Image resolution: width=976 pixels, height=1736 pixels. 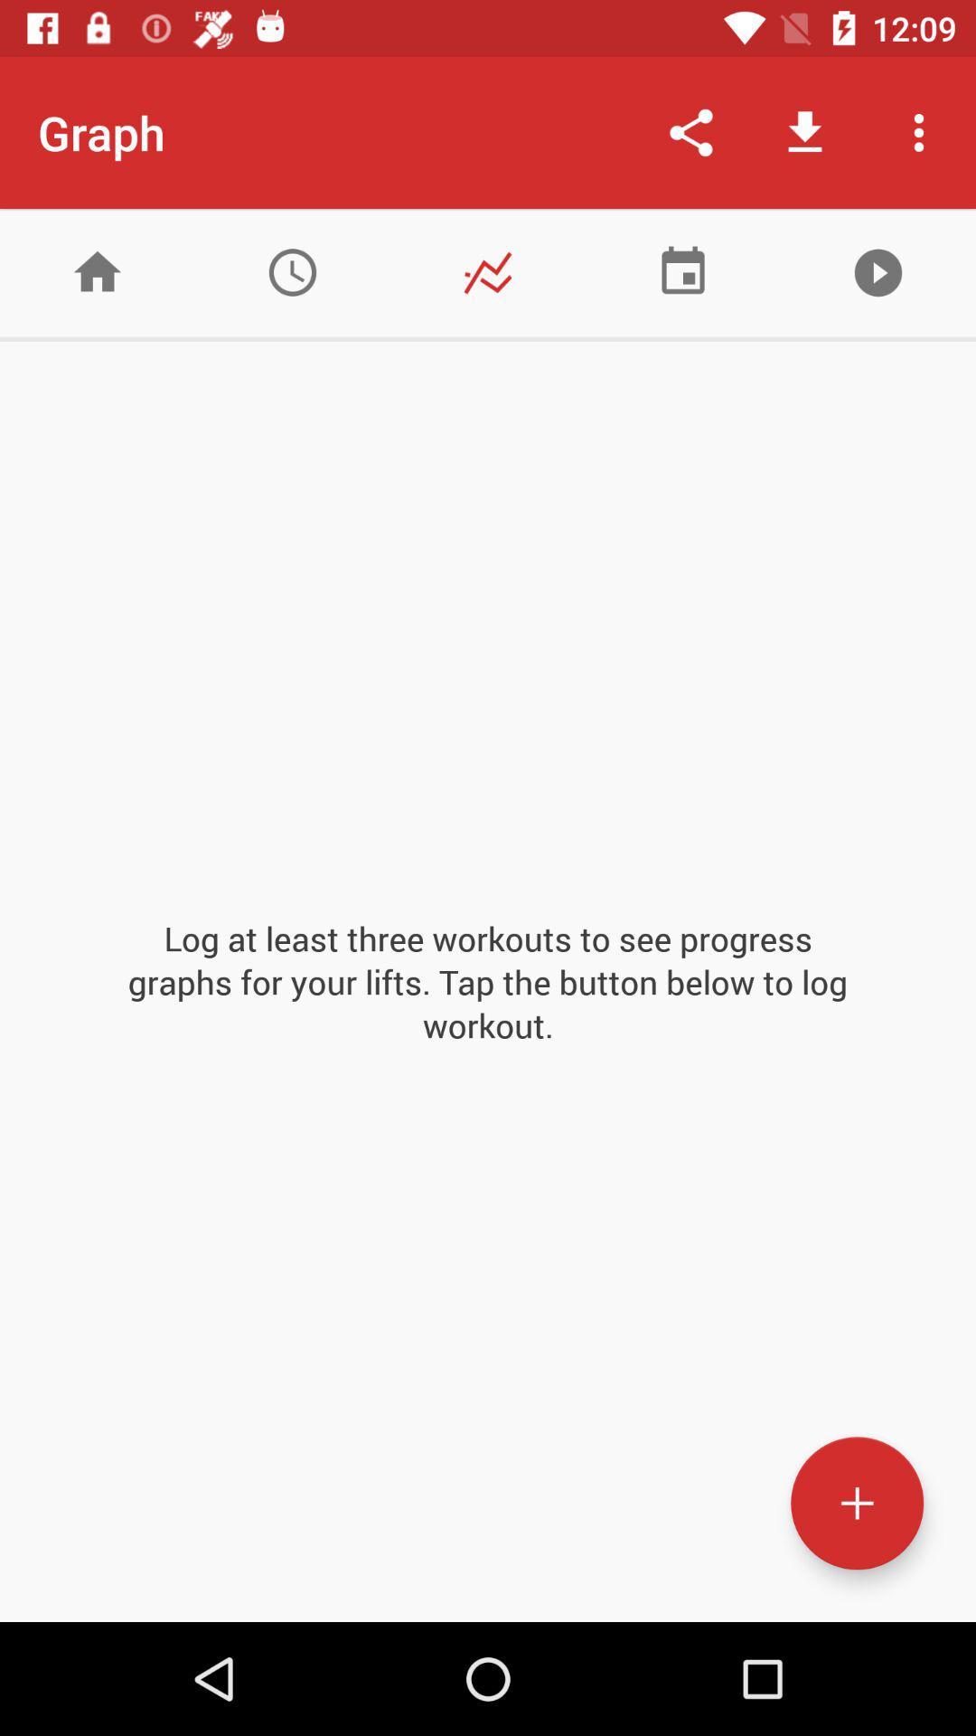 I want to click on show history, so click(x=292, y=271).